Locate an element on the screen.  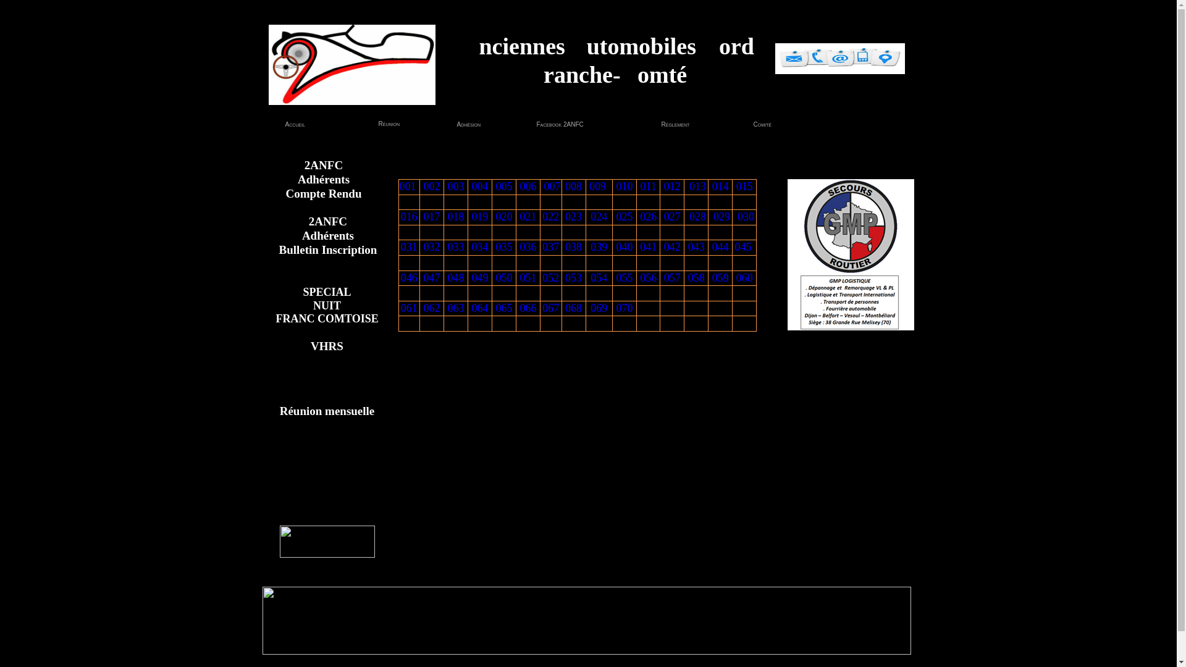
'017' is located at coordinates (432, 216).